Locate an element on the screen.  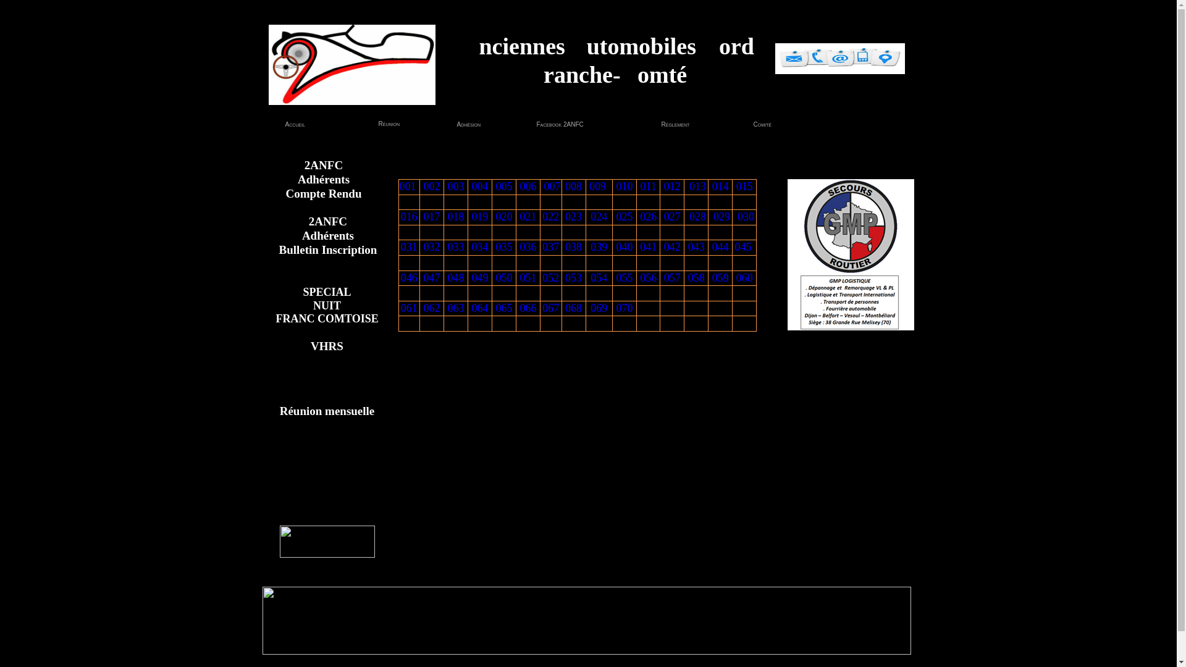
'017' is located at coordinates (432, 216).